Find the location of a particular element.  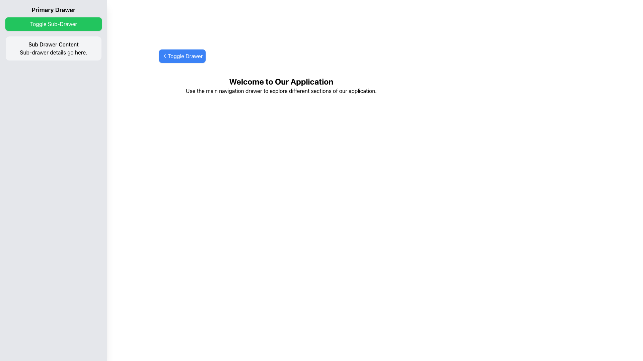

the navigation toggle button located beneath the main heading 'Welcome to Our Application' is located at coordinates (182, 56).